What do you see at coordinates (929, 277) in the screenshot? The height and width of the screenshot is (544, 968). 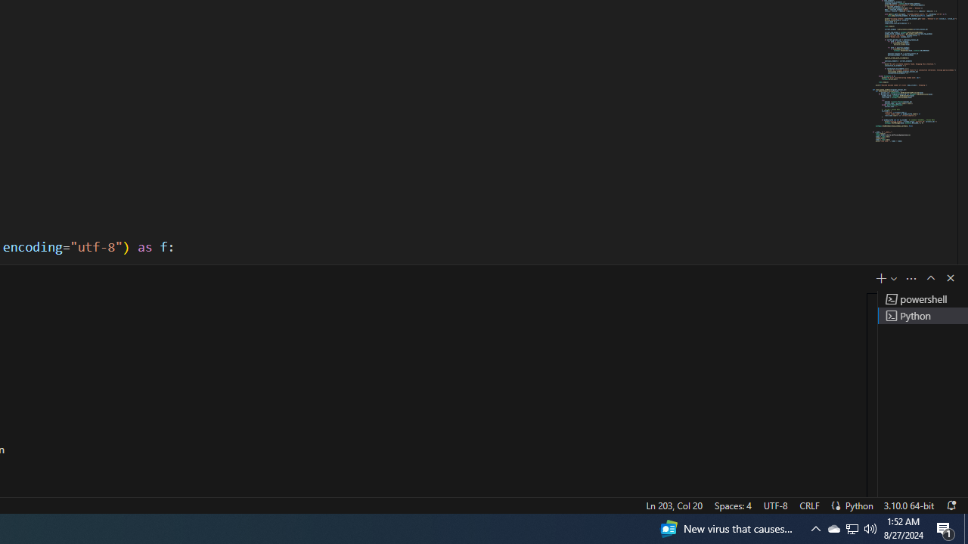 I see `'Maximize Panel Size'` at bounding box center [929, 277].